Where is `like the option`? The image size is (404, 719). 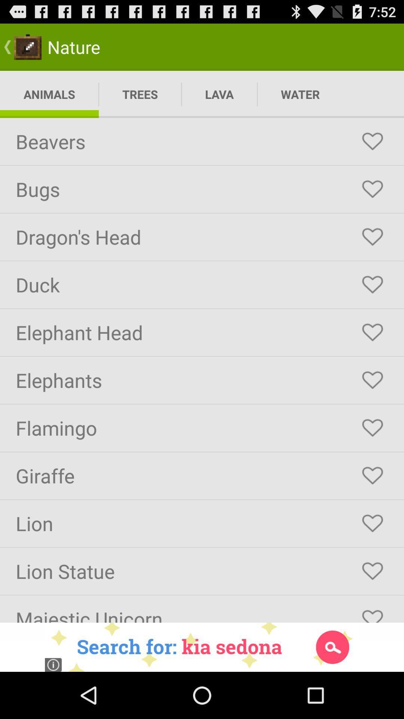
like the option is located at coordinates (372, 332).